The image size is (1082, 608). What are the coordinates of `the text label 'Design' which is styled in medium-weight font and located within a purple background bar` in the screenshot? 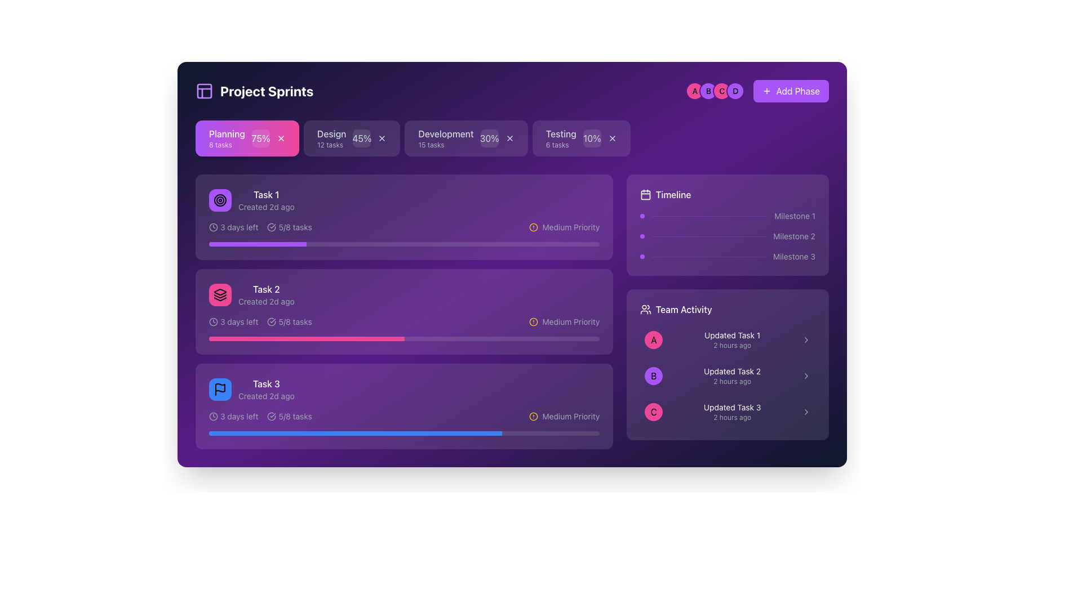 It's located at (331, 133).